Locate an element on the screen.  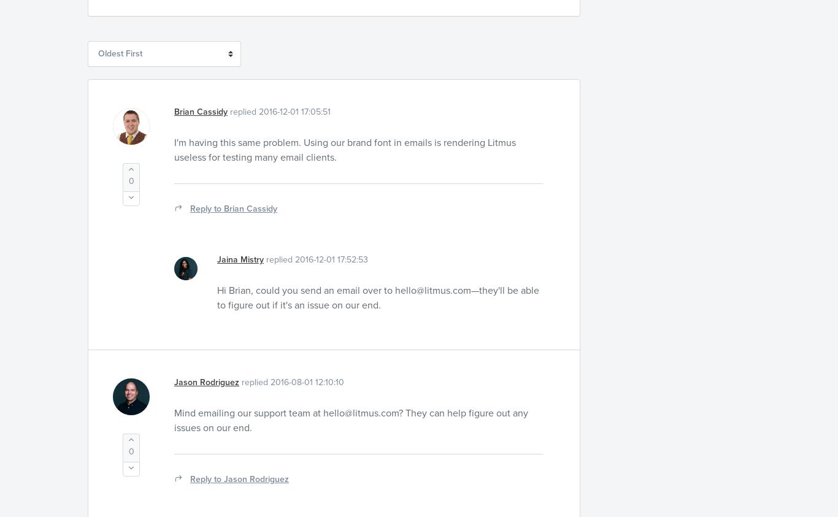
'2016-12-01 17:05:51' is located at coordinates (294, 111).